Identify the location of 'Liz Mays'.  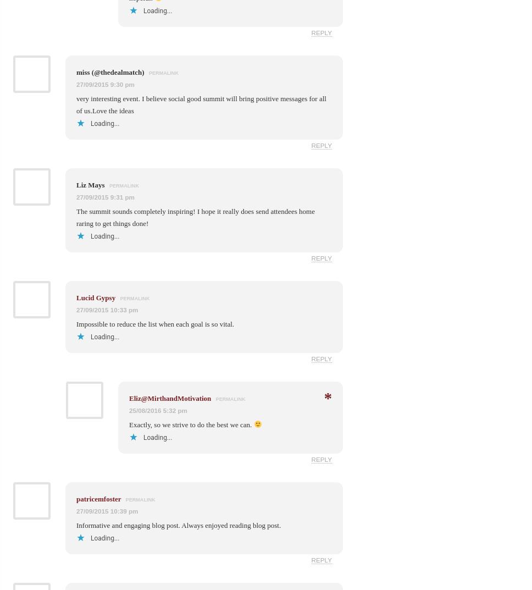
(91, 184).